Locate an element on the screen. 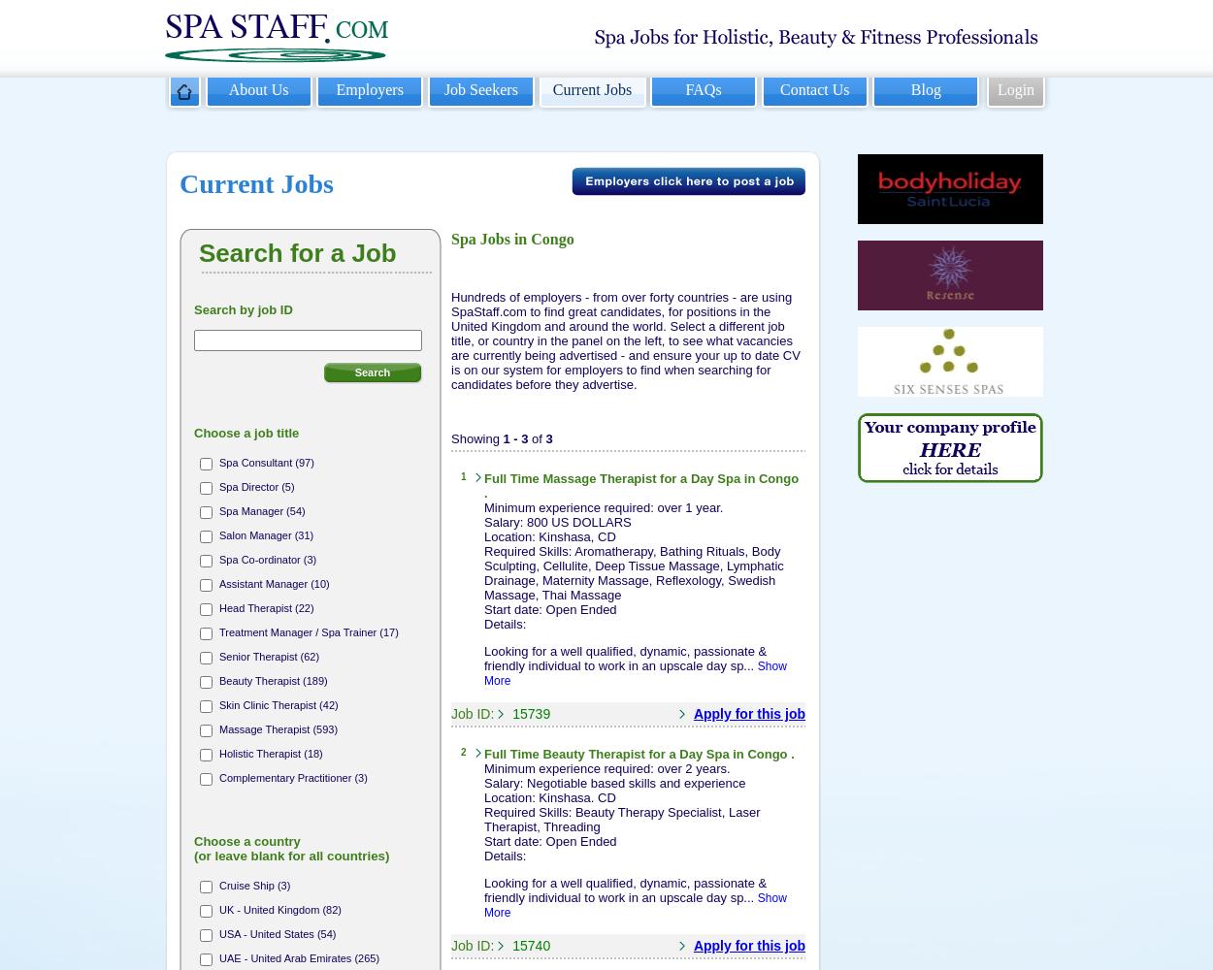 This screenshot has width=1213, height=970. 'Beauty Therapist' is located at coordinates (592, 753).